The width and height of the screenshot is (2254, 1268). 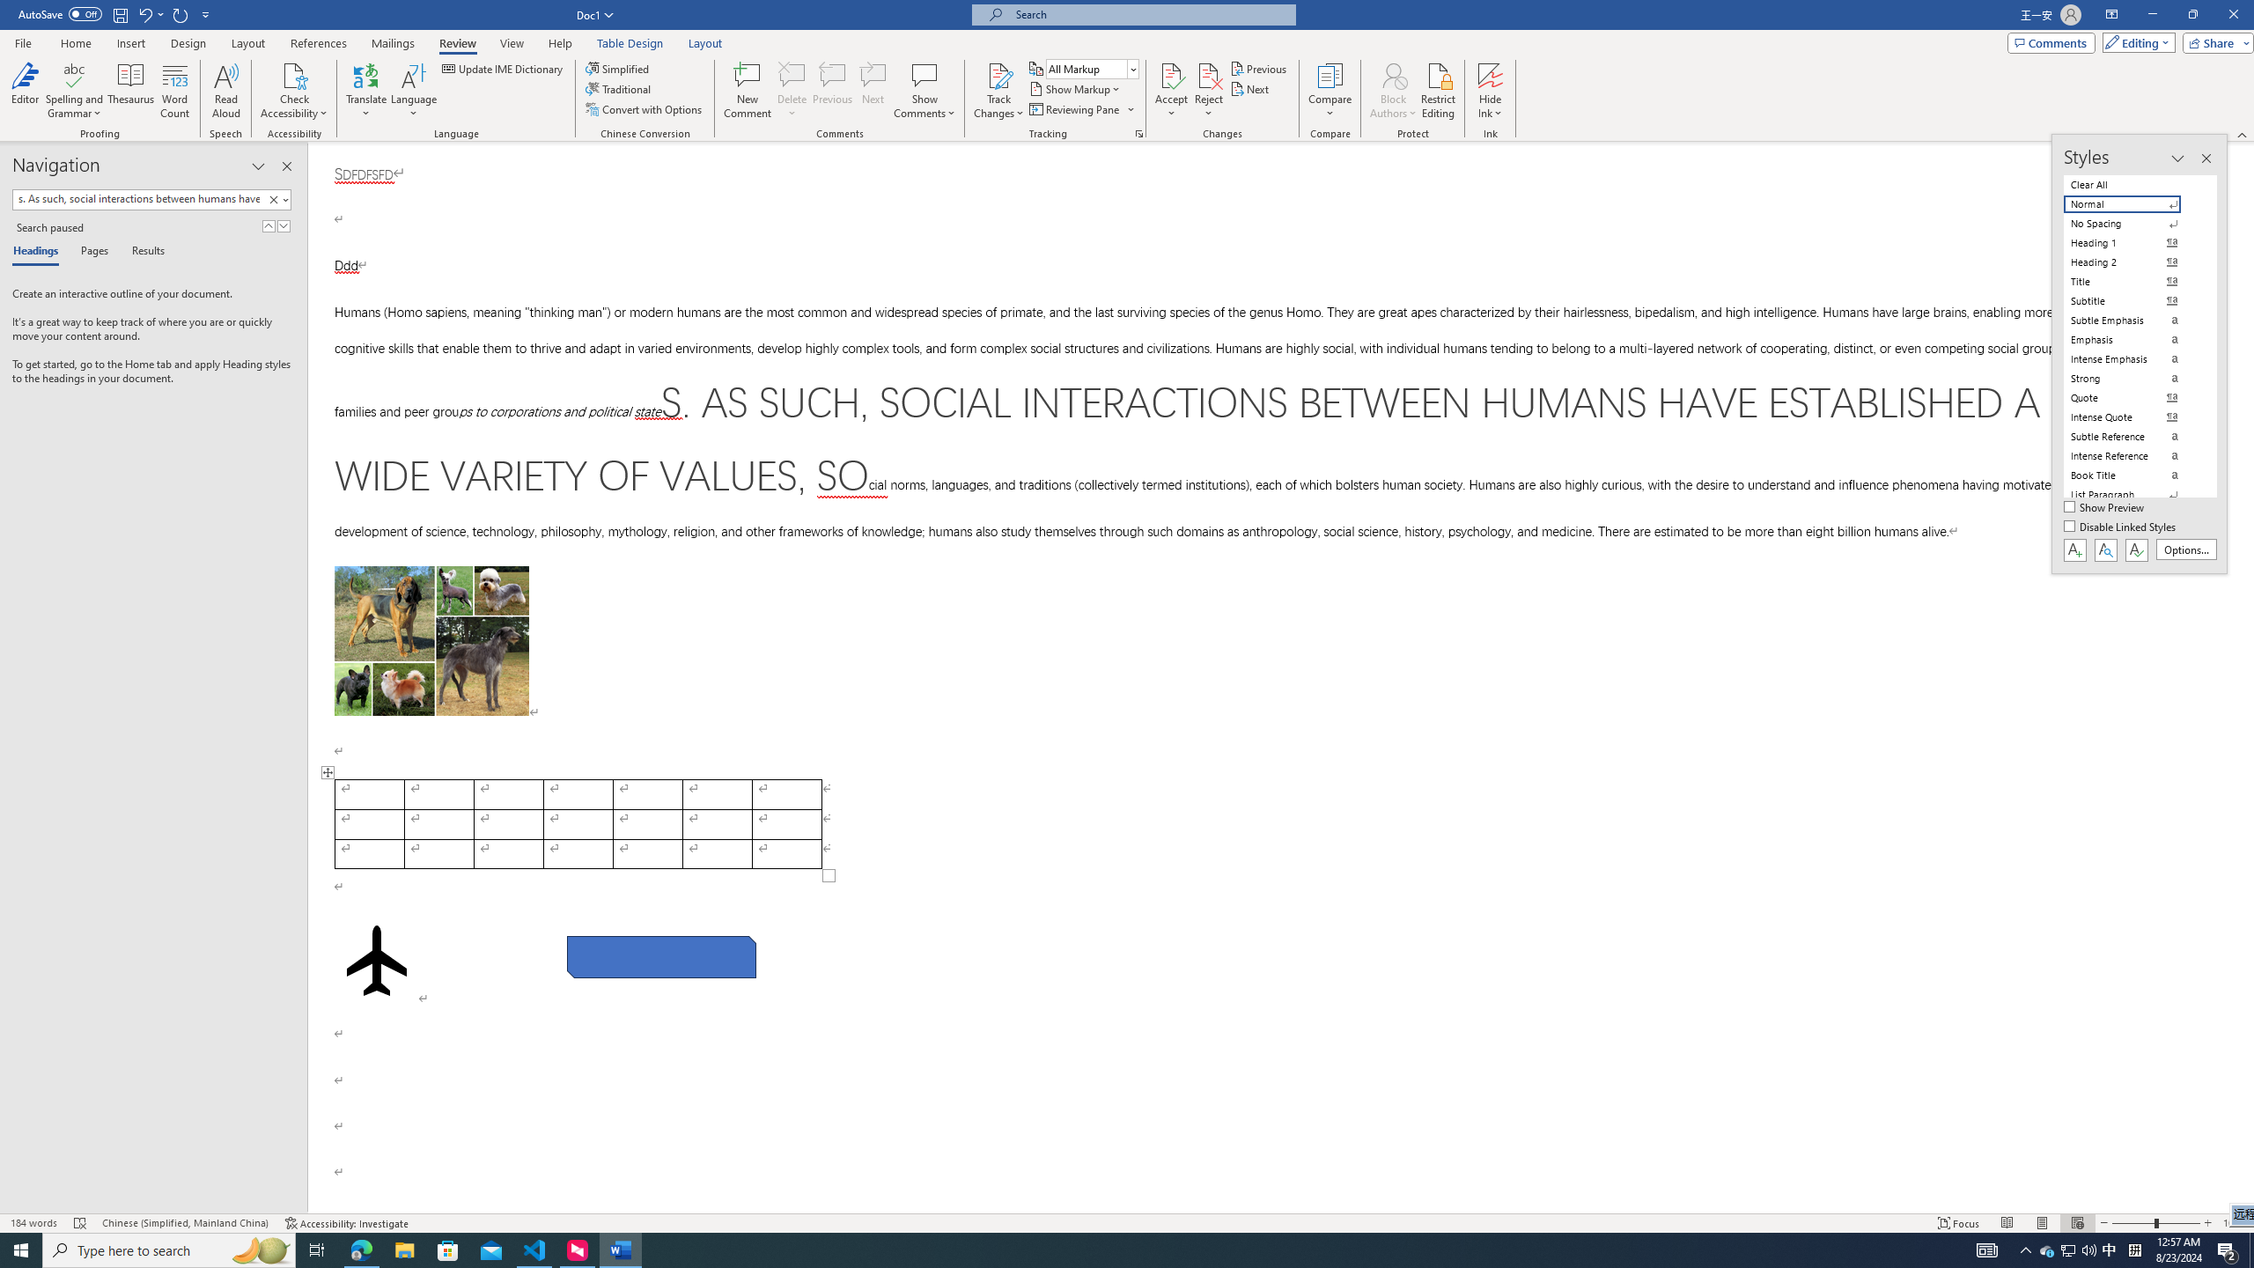 What do you see at coordinates (294, 91) in the screenshot?
I see `'Check Accessibility'` at bounding box center [294, 91].